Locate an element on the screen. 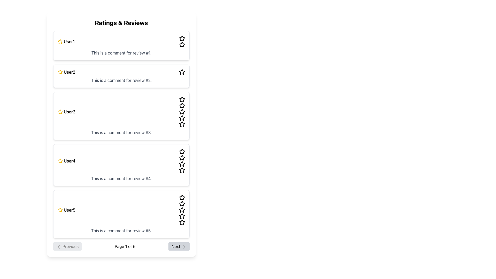 The height and width of the screenshot is (279, 496). the fourth star icon in the rating system for 'User3' is located at coordinates (182, 111).